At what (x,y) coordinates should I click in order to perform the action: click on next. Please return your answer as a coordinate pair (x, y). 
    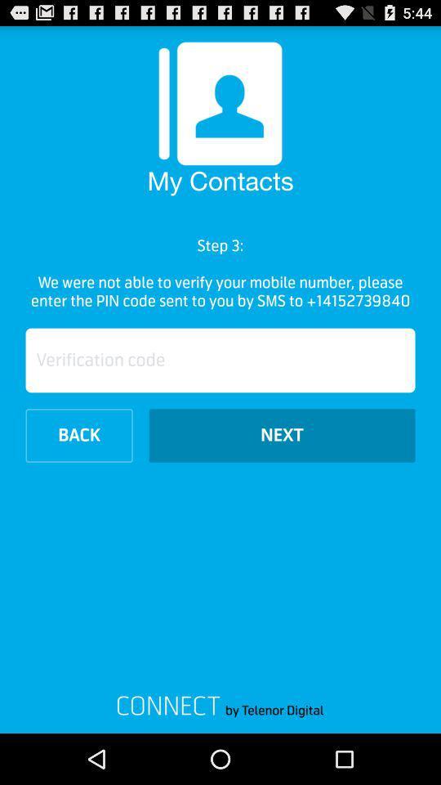
    Looking at the image, I should click on (281, 434).